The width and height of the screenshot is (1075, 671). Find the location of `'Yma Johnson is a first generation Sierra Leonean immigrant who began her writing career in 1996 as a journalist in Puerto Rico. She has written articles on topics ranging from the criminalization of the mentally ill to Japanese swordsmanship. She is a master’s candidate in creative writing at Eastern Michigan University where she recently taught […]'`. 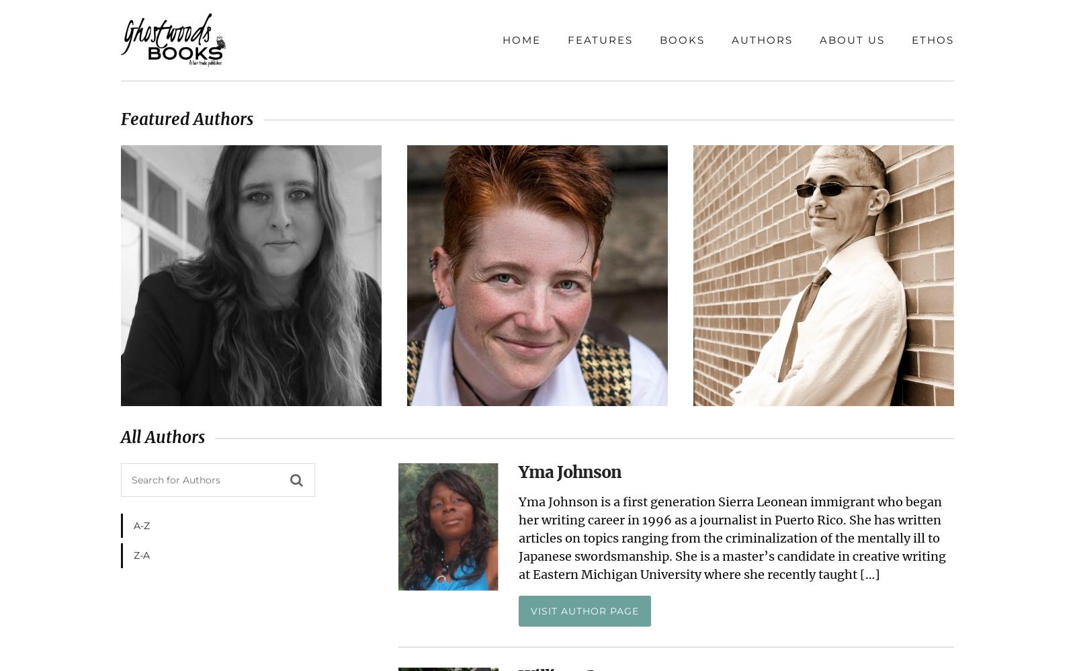

'Yma Johnson is a first generation Sierra Leonean immigrant who began her writing career in 1996 as a journalist in Puerto Rico. She has written articles on topics ranging from the criminalization of the mentally ill to Japanese swordsmanship. She is a master’s candidate in creative writing at Eastern Michigan University where she recently taught […]' is located at coordinates (519, 537).